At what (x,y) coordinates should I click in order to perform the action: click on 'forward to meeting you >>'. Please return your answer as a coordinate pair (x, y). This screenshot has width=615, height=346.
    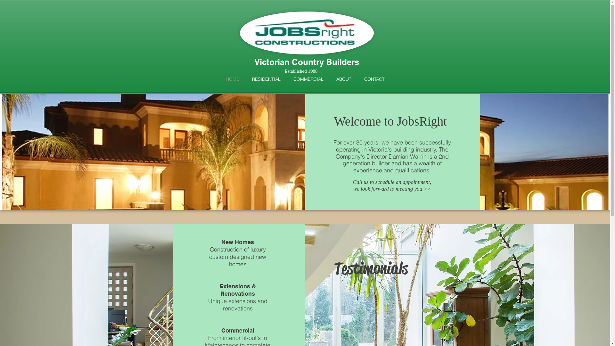
    Looking at the image, I should click on (401, 188).